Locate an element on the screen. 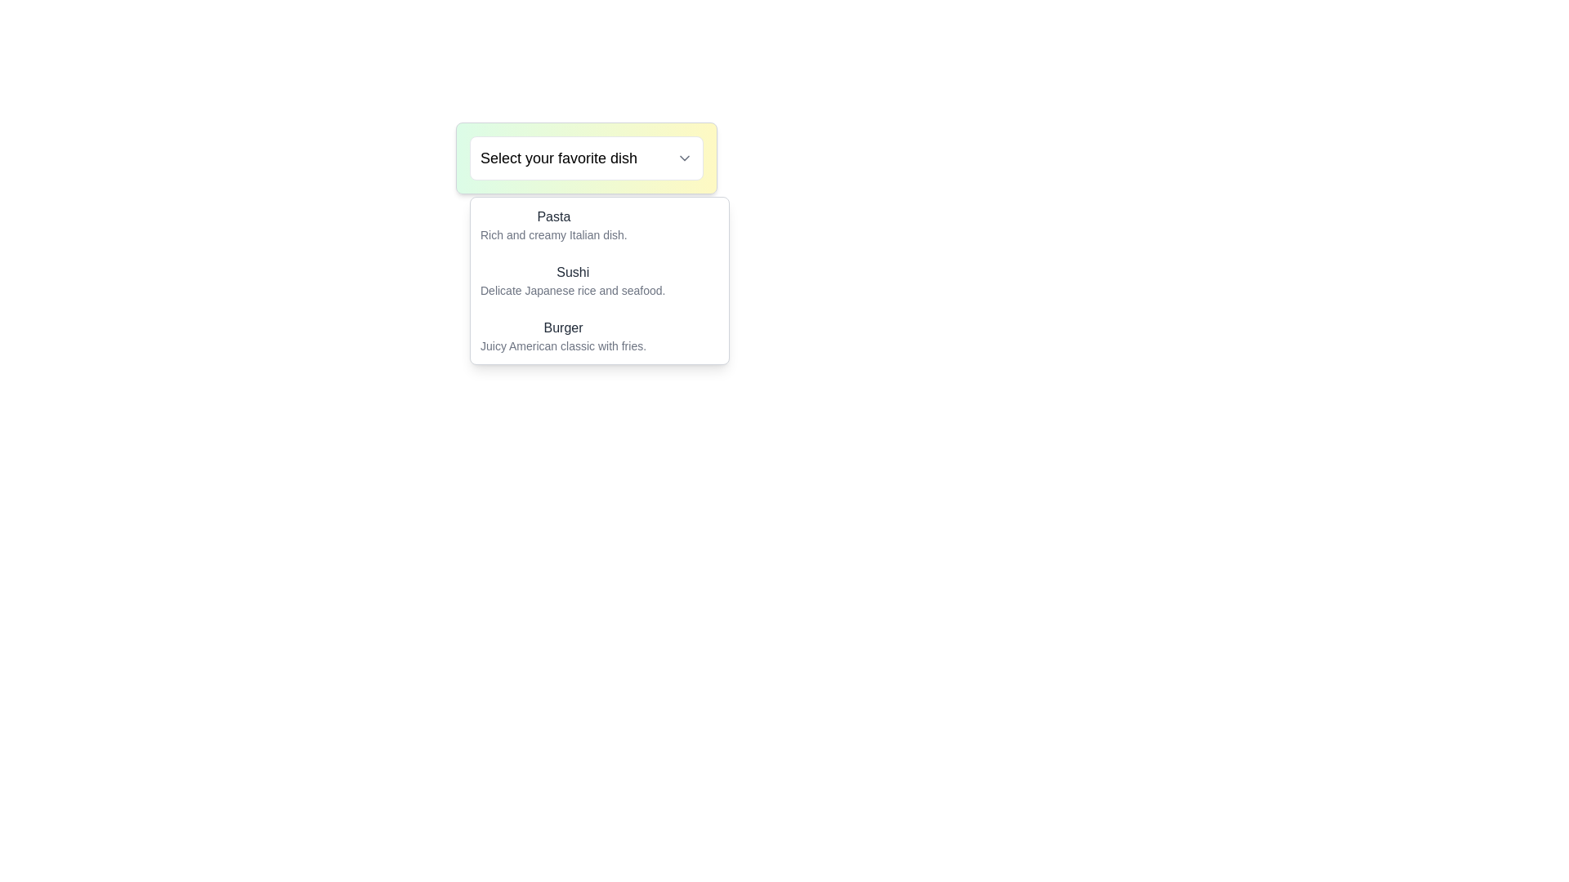 Image resolution: width=1569 pixels, height=882 pixels. the text element reading 'Delicate Japanese rice and seafood.' which is positioned directly beneath the text 'Sushi' in the dropdown selection box is located at coordinates (573, 289).